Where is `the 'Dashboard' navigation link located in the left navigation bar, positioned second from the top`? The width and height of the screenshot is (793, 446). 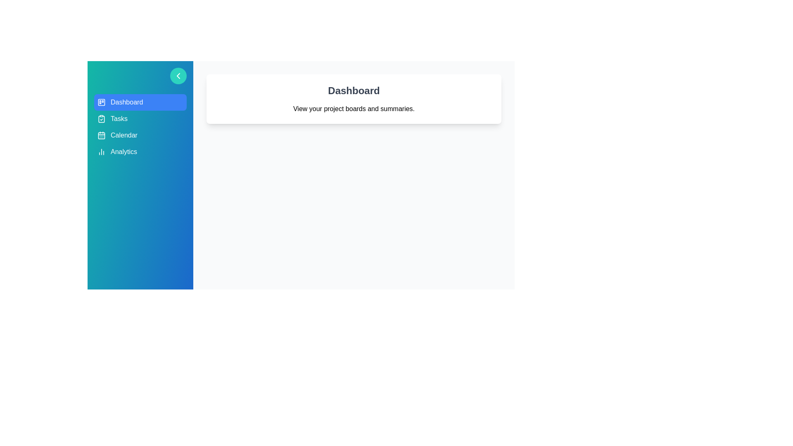 the 'Dashboard' navigation link located in the left navigation bar, positioned second from the top is located at coordinates (126, 102).